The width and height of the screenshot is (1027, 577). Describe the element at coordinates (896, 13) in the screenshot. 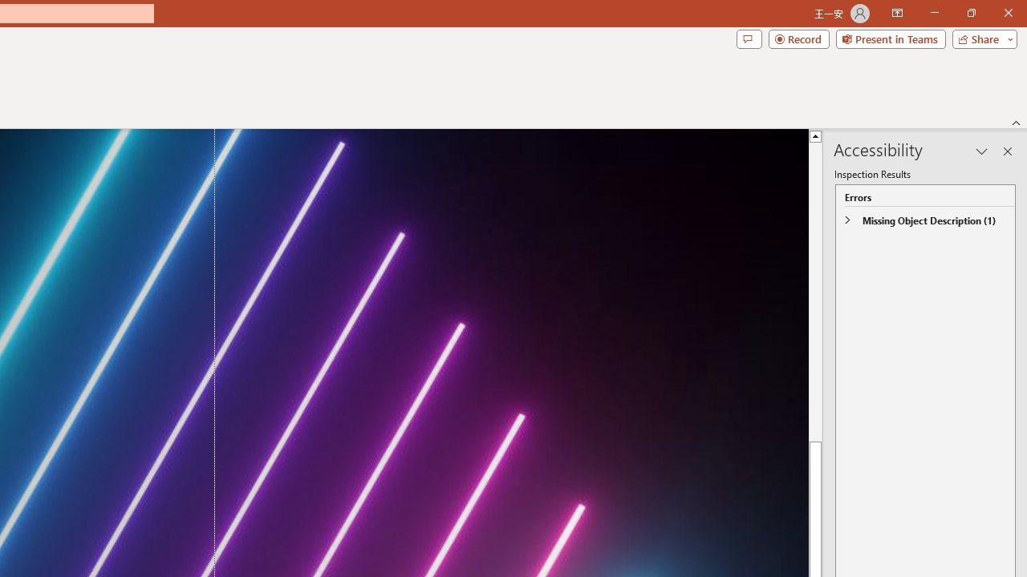

I see `'Ribbon Display Options'` at that location.